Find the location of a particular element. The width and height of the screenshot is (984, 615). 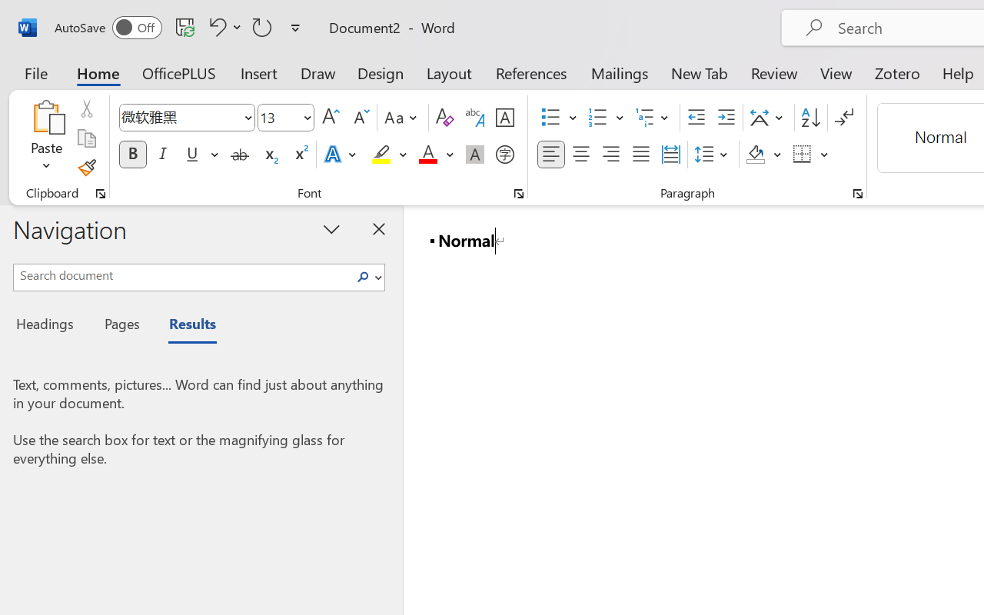

'Line and Paragraph Spacing' is located at coordinates (713, 155).